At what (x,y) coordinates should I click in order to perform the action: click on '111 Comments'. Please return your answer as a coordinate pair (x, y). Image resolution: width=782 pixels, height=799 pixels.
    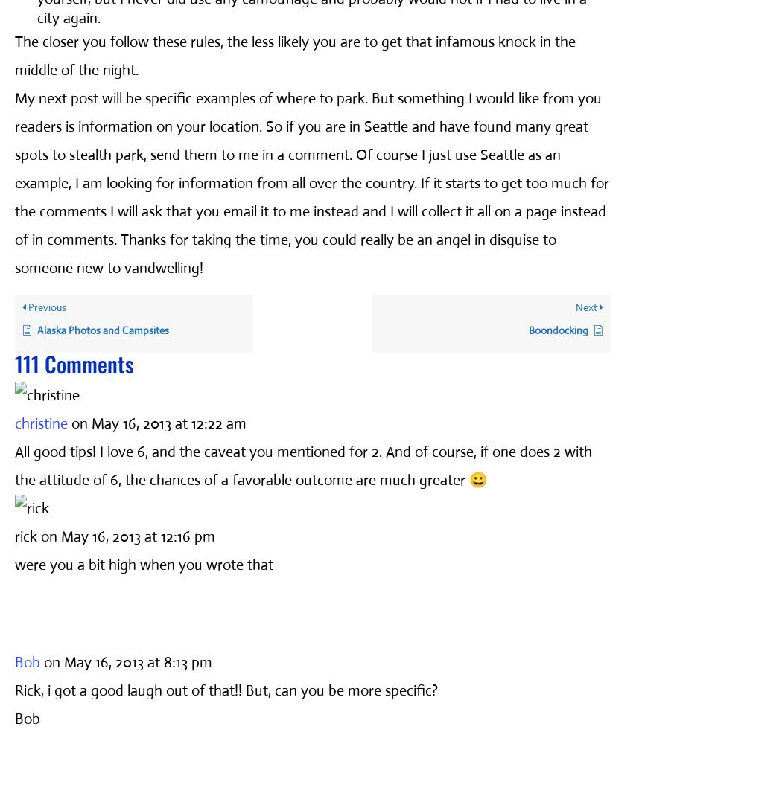
    Looking at the image, I should click on (14, 362).